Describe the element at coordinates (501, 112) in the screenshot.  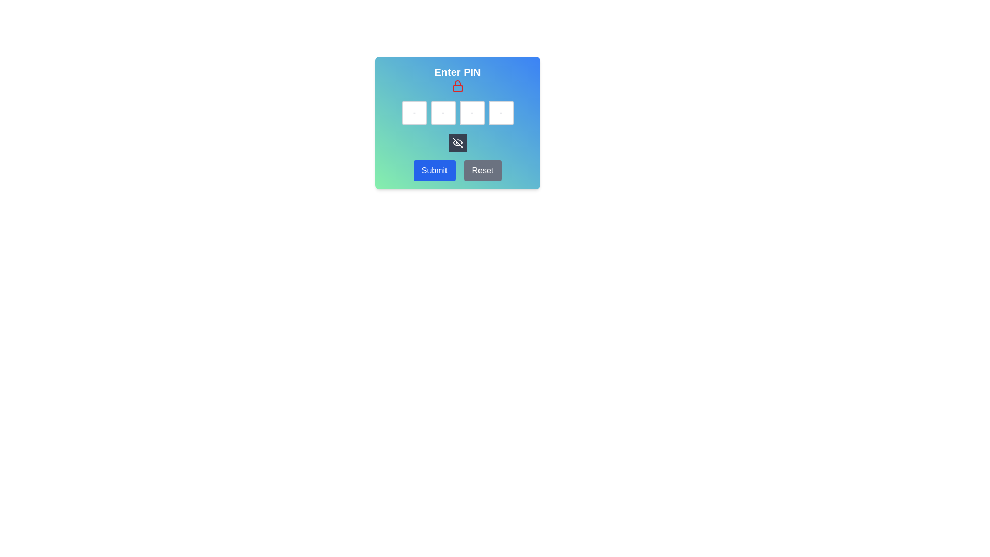
I see `the single-character password input field, which is a small square box with a white background and gray border, located at the far right of a group of four similar elements` at that location.